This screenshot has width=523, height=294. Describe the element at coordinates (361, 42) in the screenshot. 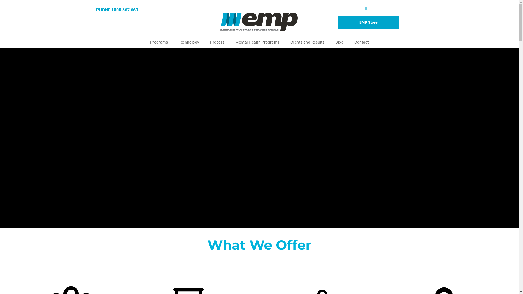

I see `'Contact'` at that location.